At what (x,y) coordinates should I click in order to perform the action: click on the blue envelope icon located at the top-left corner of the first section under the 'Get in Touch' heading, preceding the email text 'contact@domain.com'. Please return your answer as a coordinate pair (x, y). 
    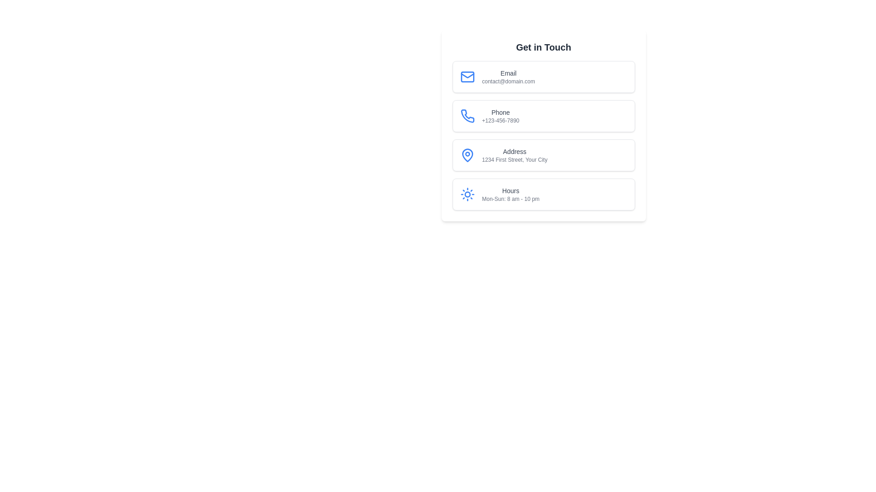
    Looking at the image, I should click on (467, 77).